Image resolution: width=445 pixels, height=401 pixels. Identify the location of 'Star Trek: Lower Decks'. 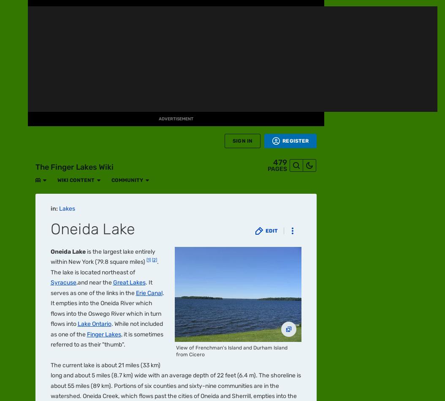
(144, 275).